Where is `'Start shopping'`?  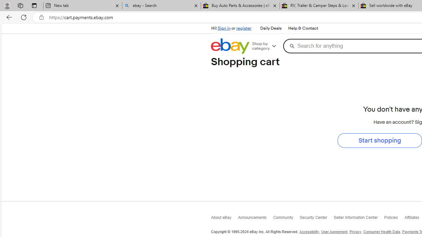 'Start shopping' is located at coordinates (380, 140).